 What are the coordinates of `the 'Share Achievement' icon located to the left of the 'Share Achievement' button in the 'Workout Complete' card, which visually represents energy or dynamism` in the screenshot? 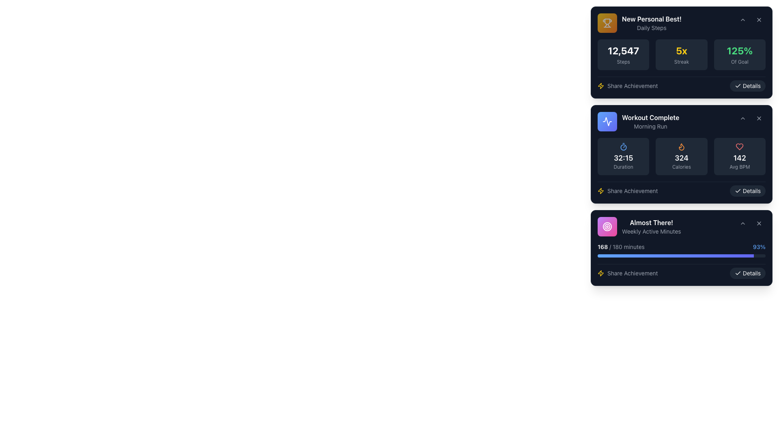 It's located at (601, 273).